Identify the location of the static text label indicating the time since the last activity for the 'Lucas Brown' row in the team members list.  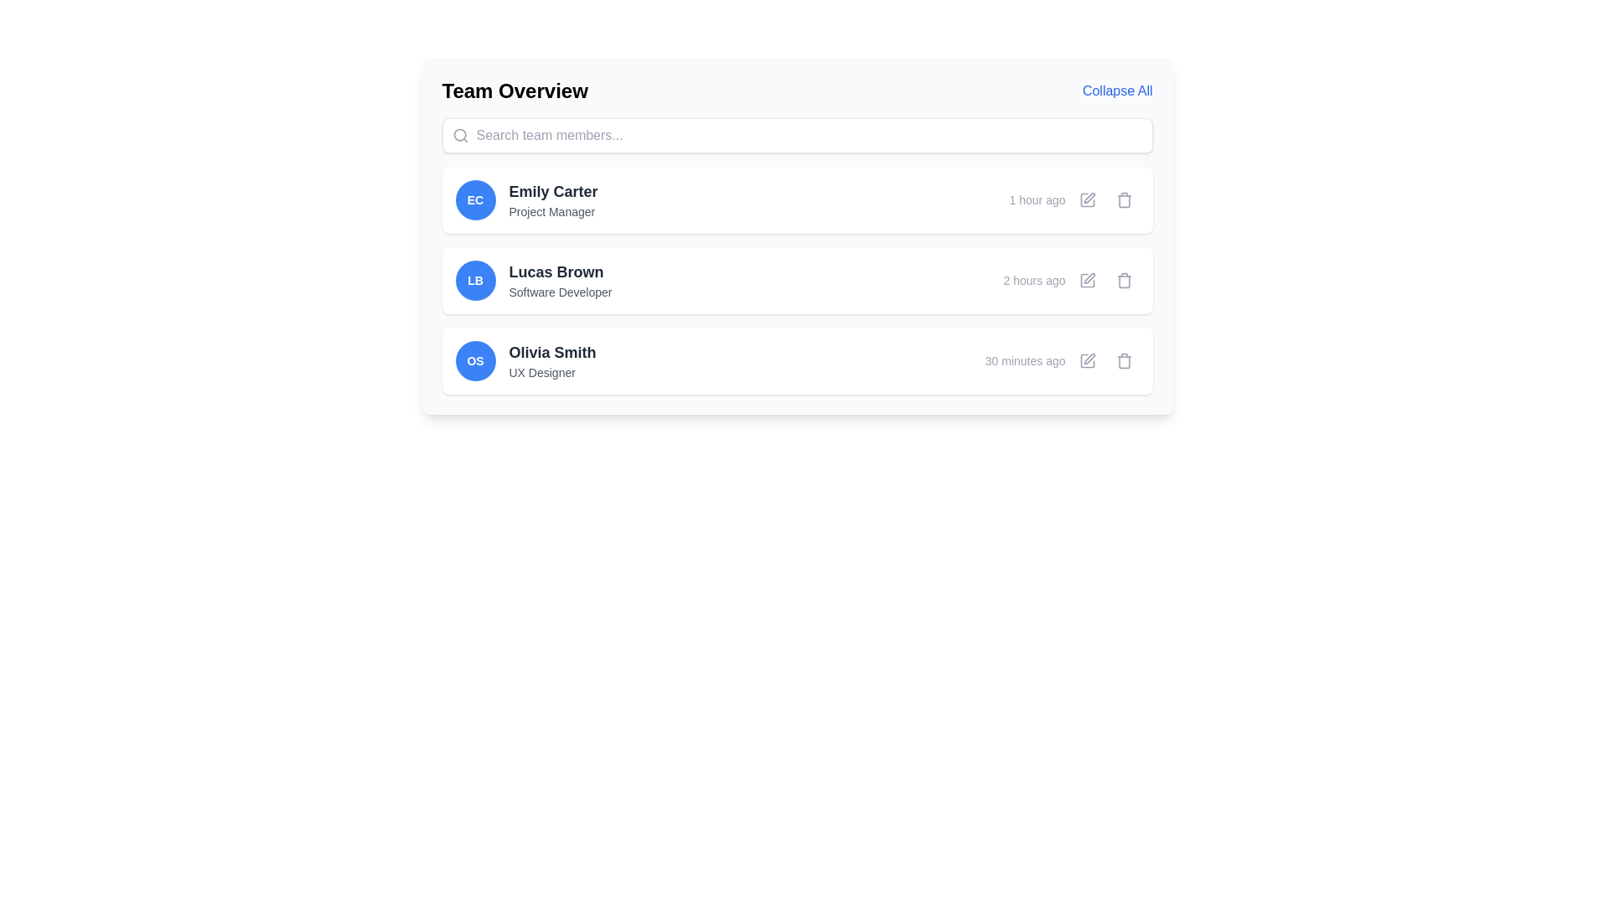
(1033, 280).